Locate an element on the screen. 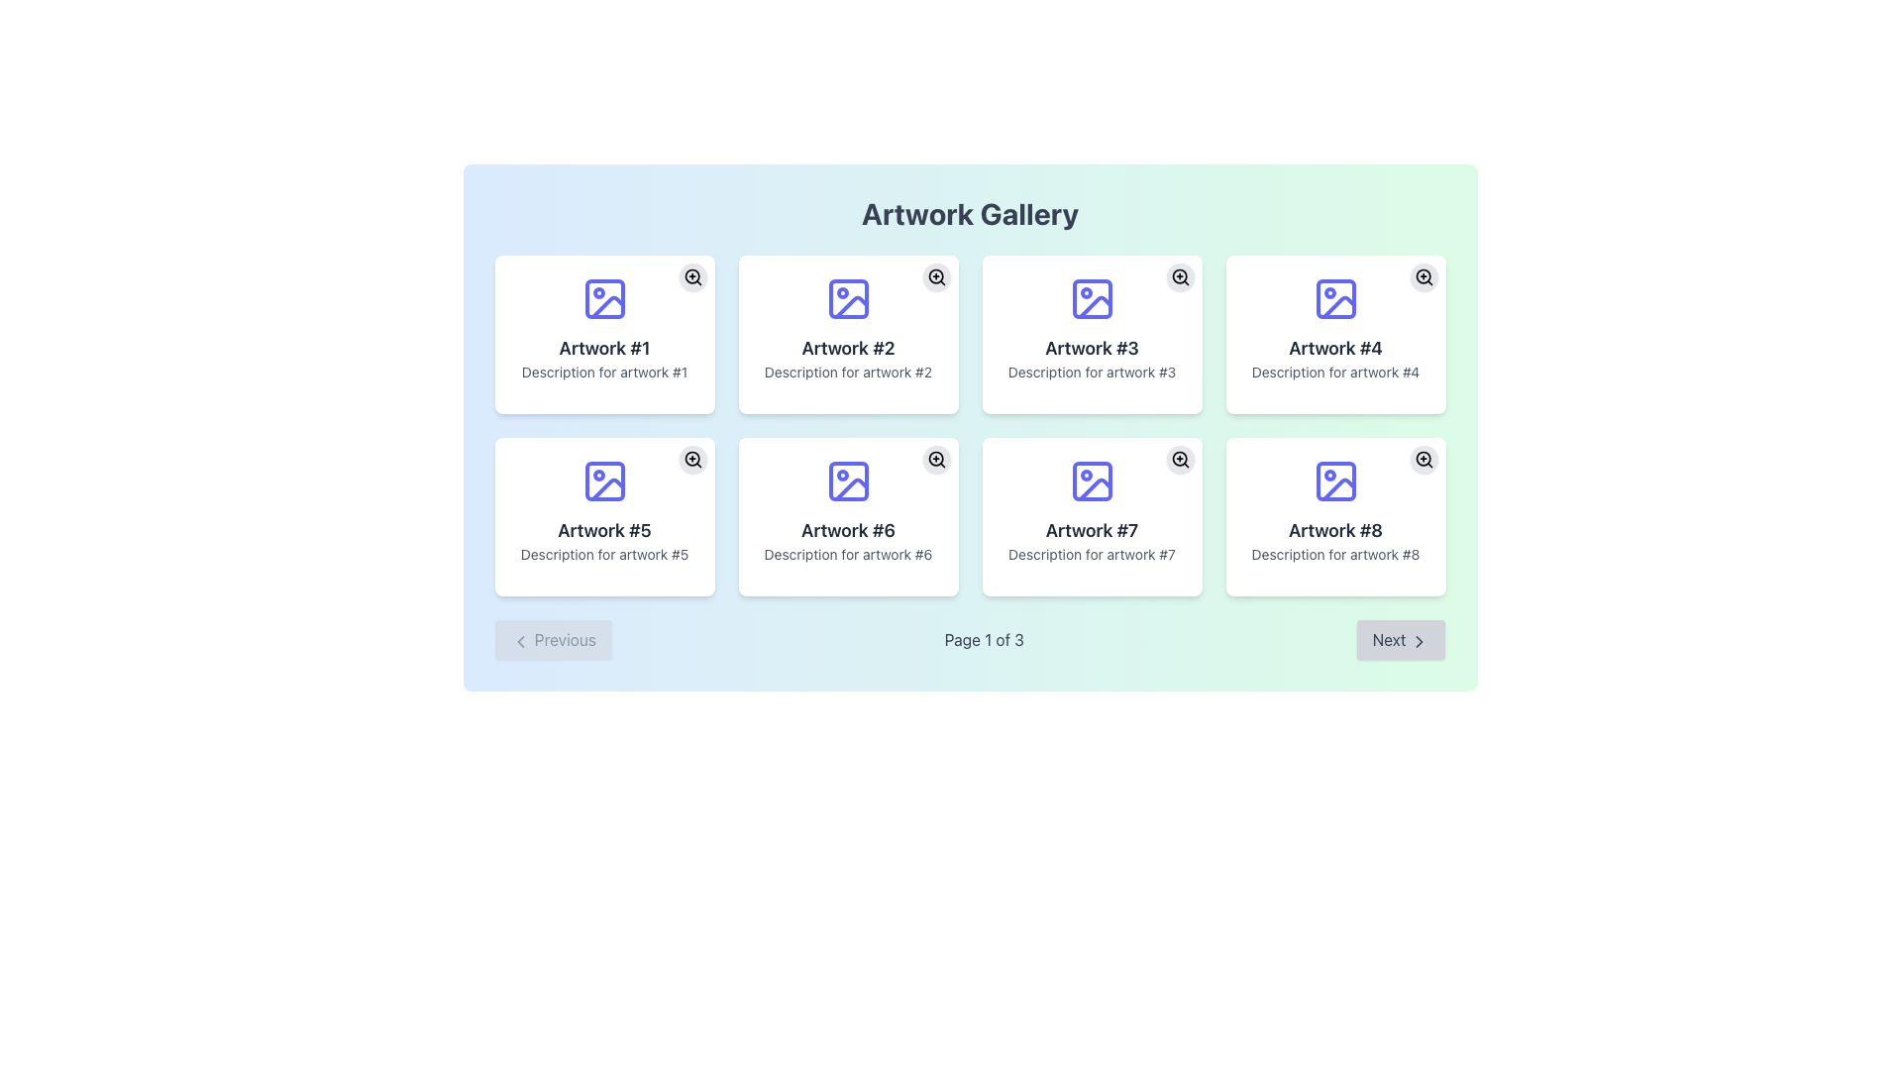 The image size is (1902, 1070). the informational card for 'Artwork #2', which is located in the second column of the first row of artwork cards, positioned between 'Artwork #1' and 'Artwork #3' is located at coordinates (848, 334).